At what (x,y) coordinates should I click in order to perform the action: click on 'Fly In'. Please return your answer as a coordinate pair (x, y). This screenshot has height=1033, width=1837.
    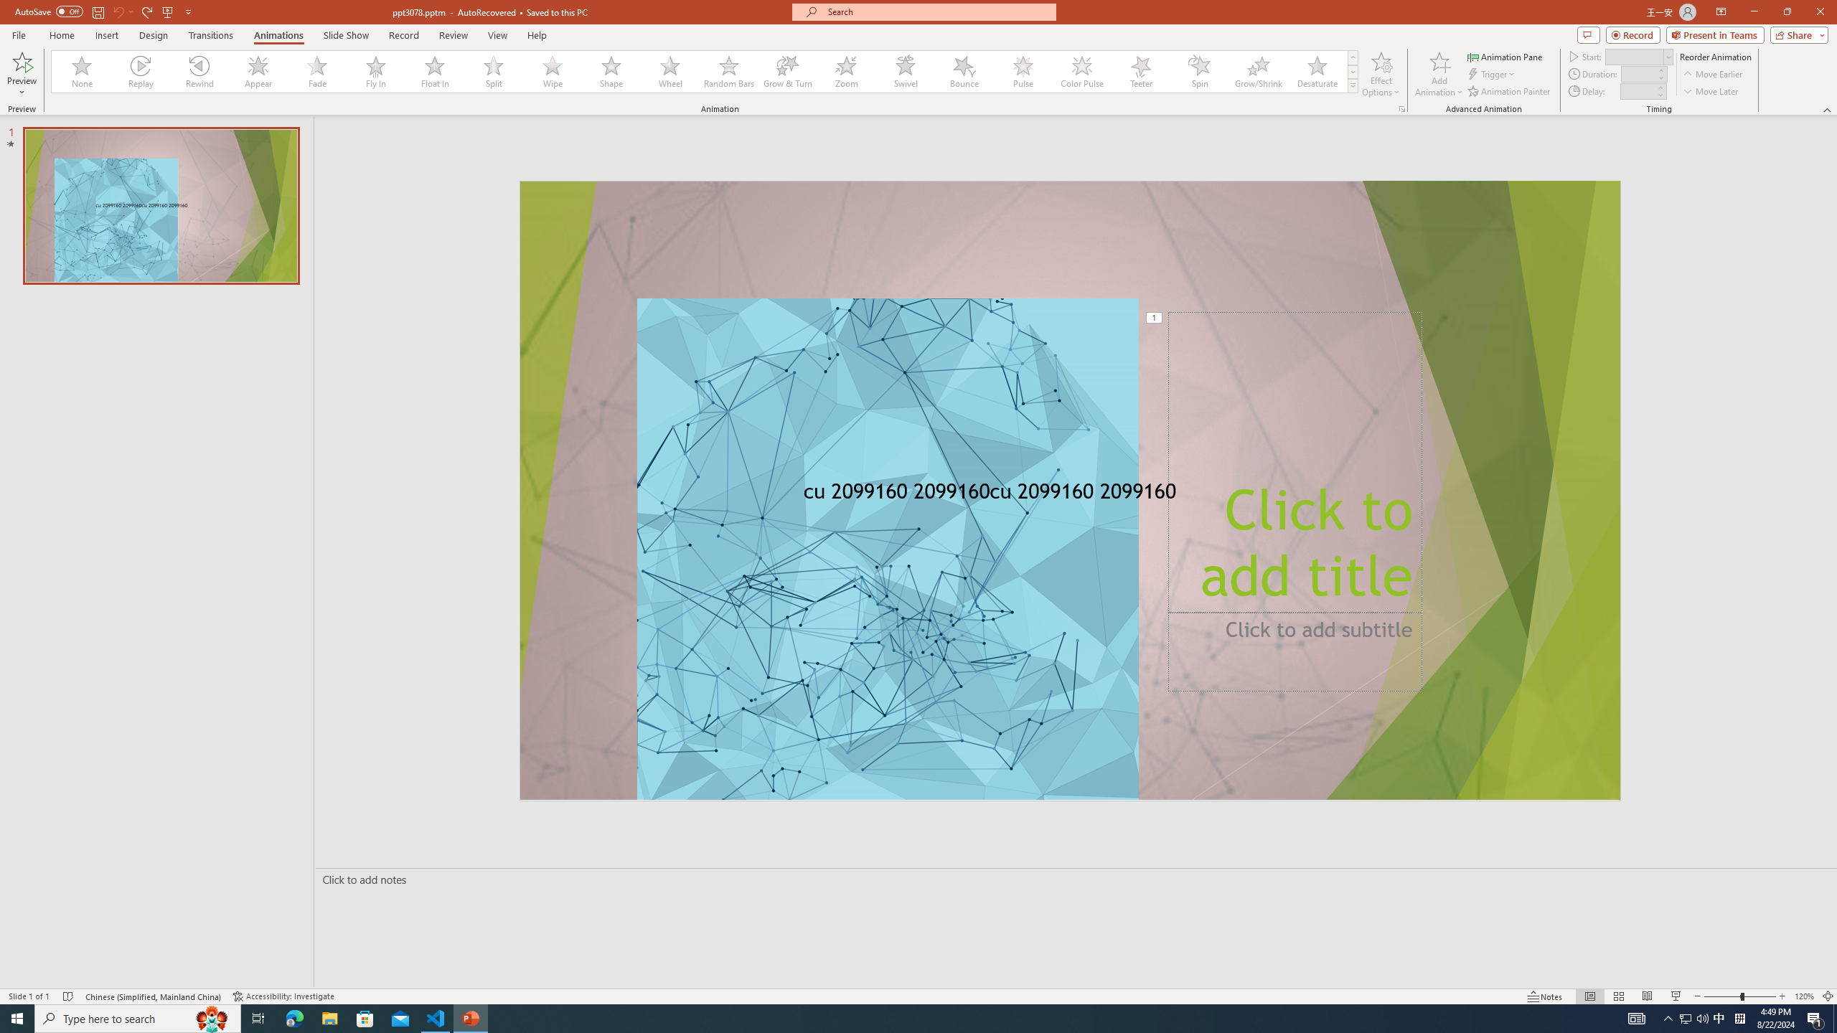
    Looking at the image, I should click on (375, 71).